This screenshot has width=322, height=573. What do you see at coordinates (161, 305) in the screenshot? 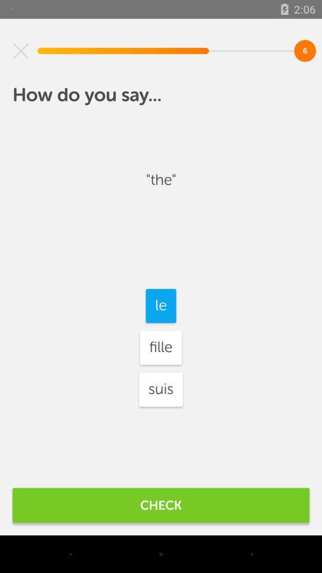
I see `le item` at bounding box center [161, 305].